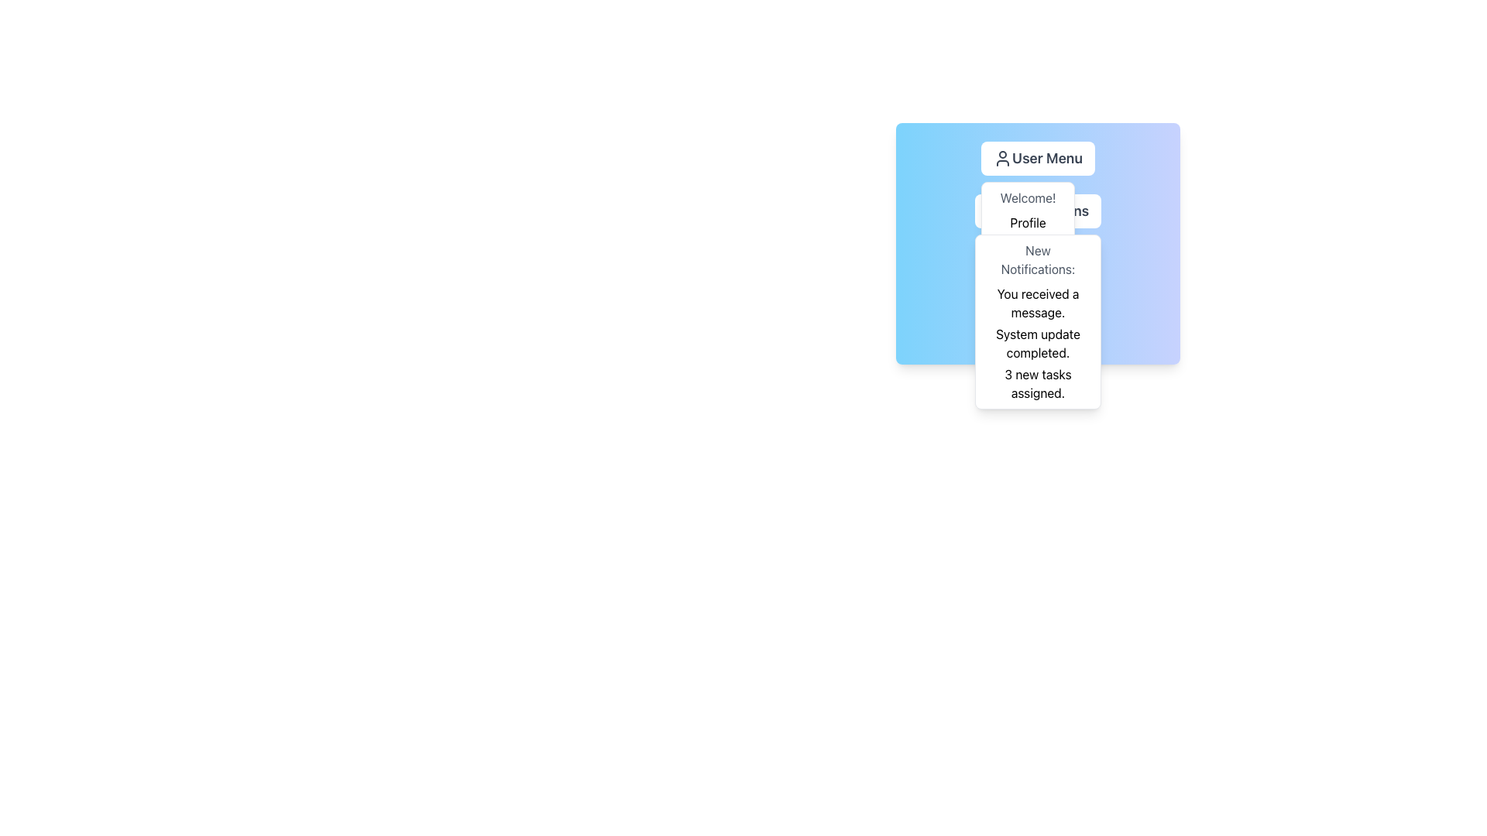  Describe the element at coordinates (1038, 330) in the screenshot. I see `the gear/cogwheel icon` at that location.